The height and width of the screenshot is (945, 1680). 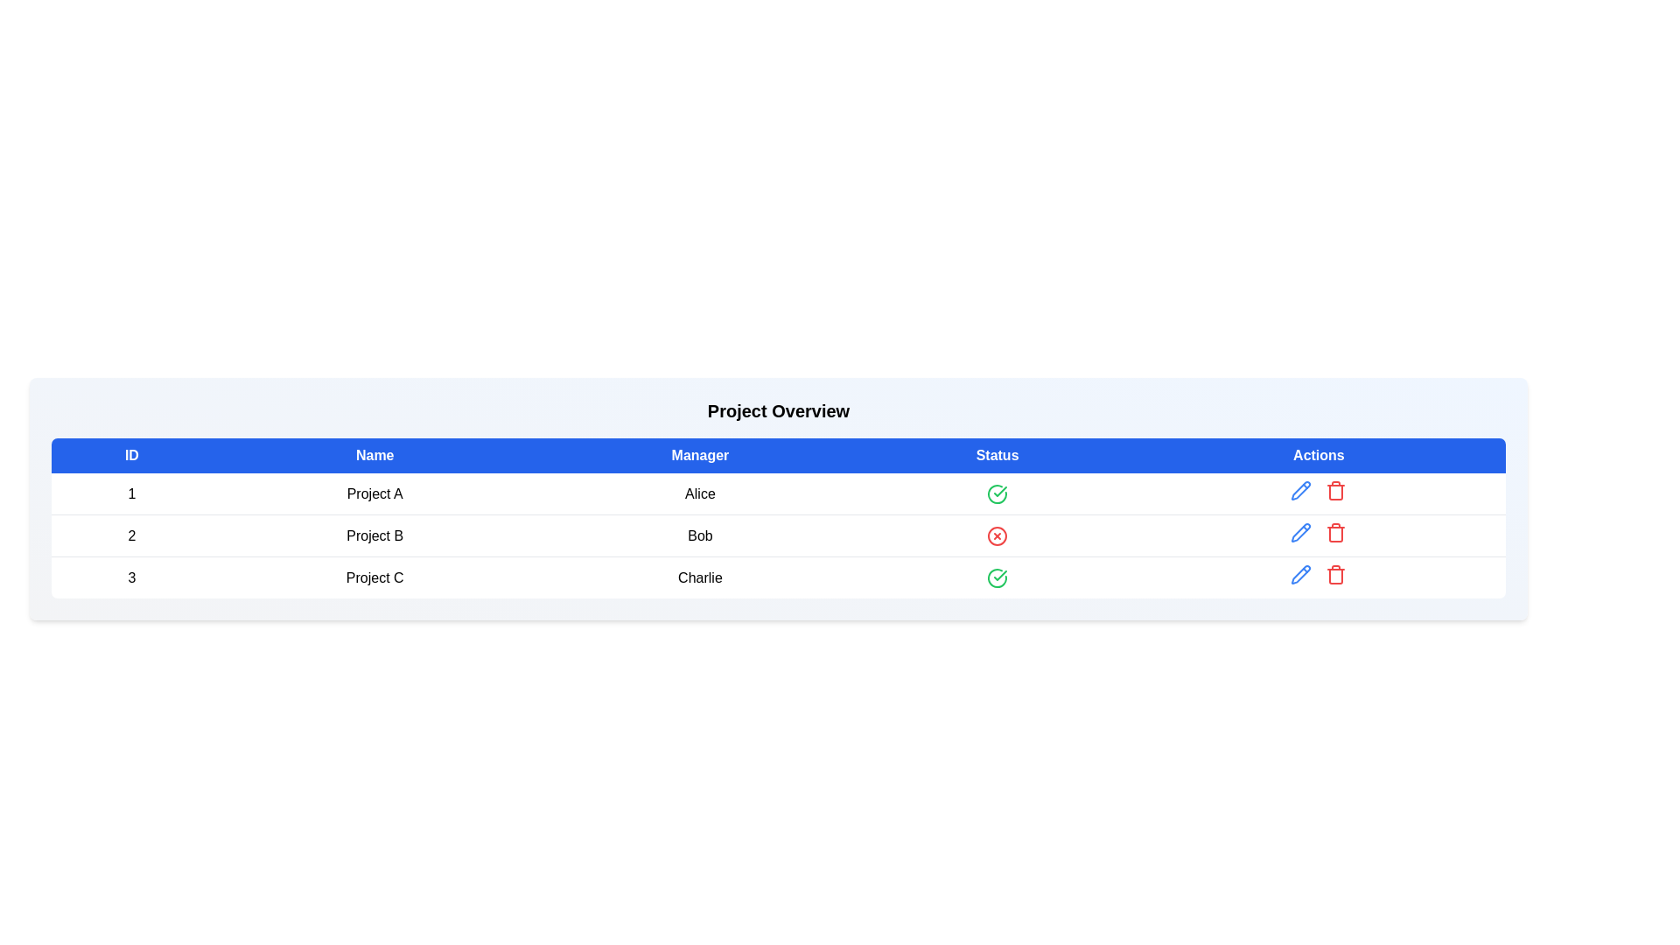 What do you see at coordinates (997, 535) in the screenshot?
I see `the error status indicator icon` at bounding box center [997, 535].